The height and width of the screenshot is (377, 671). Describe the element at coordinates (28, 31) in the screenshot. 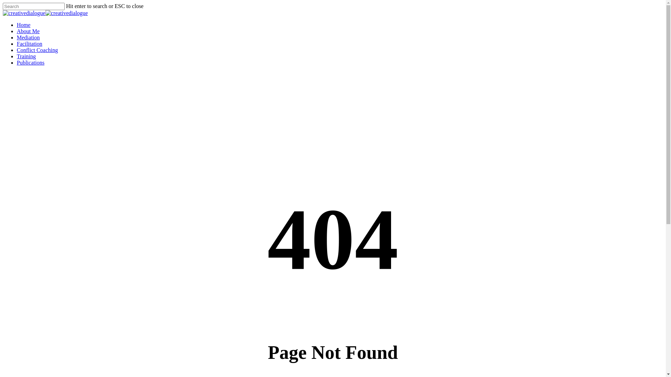

I see `'About Me'` at that location.